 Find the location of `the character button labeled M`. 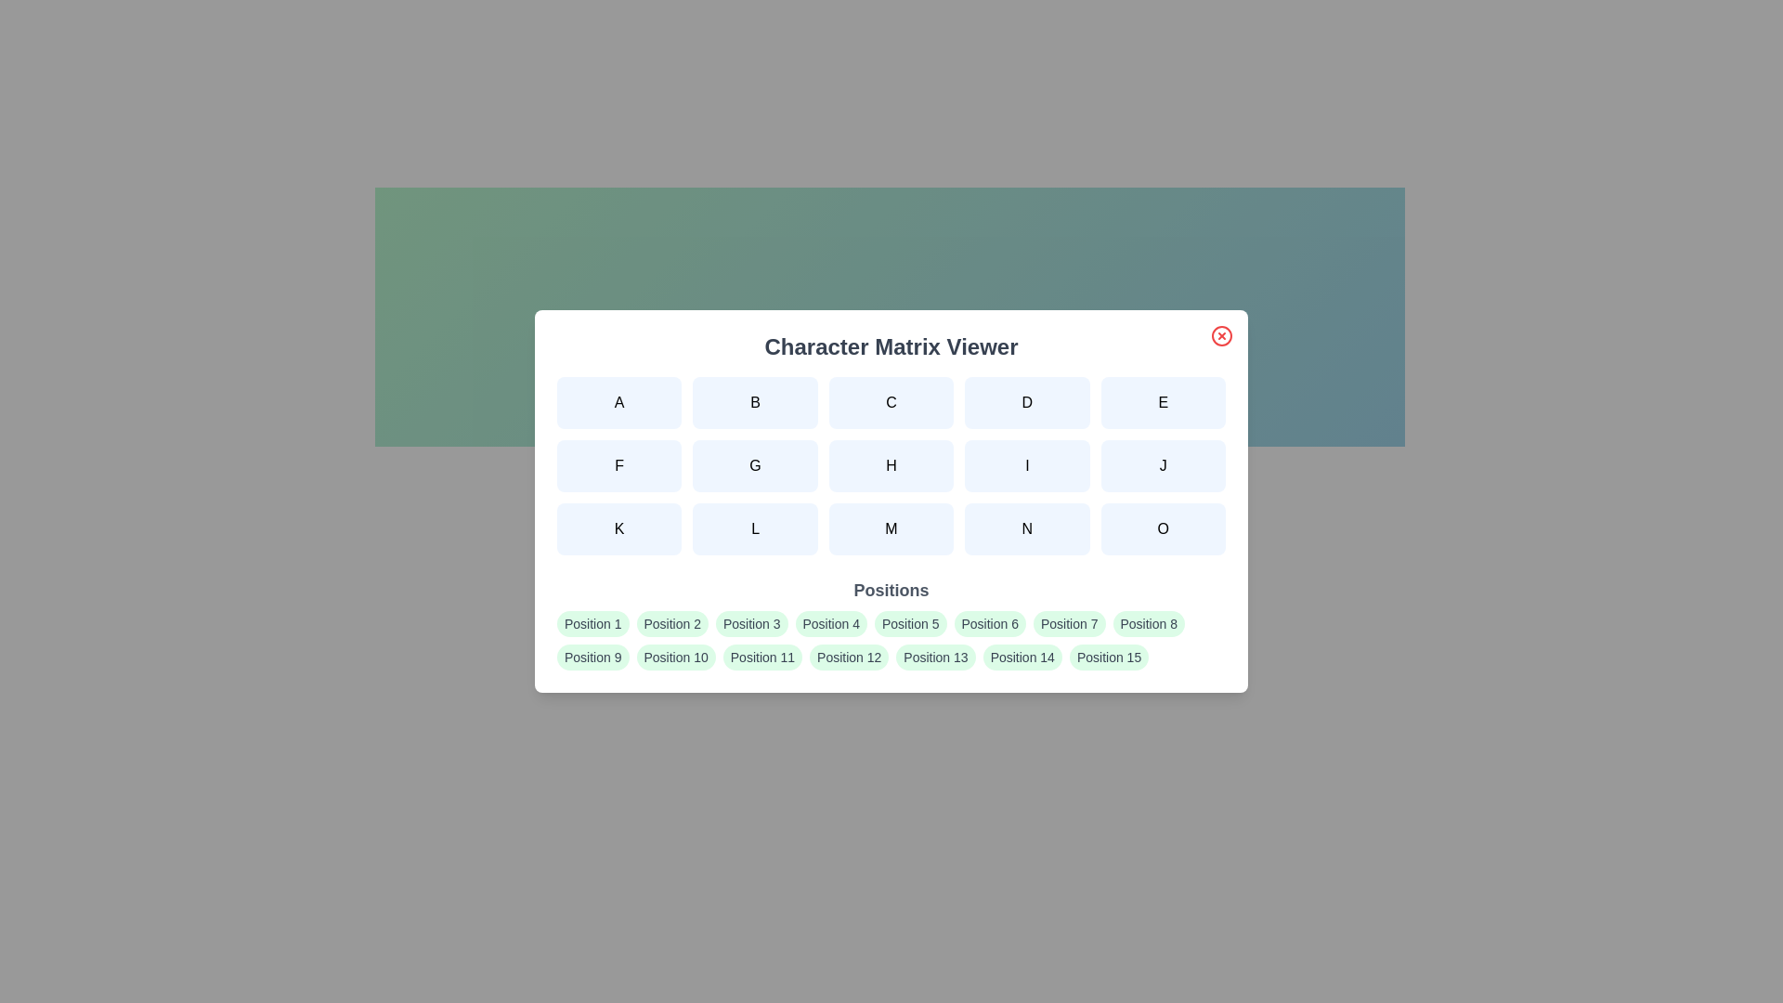

the character button labeled M is located at coordinates (891, 529).